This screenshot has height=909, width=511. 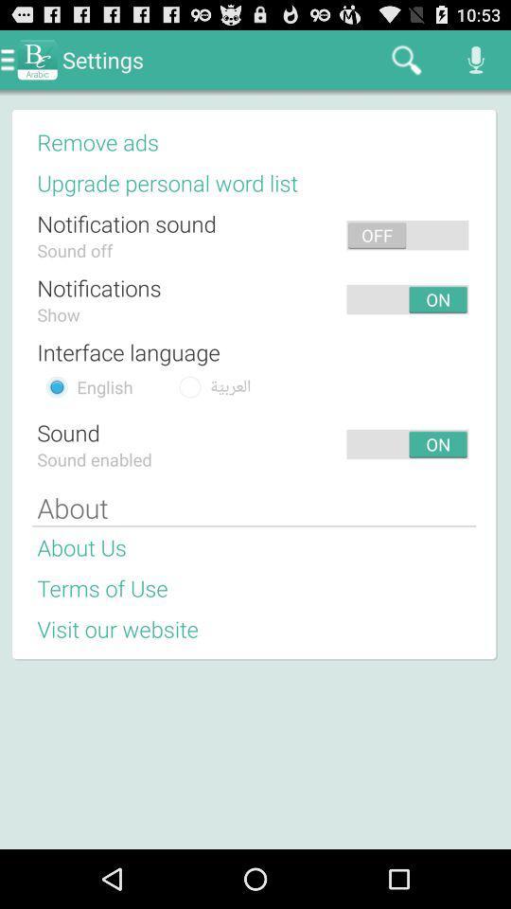 What do you see at coordinates (57, 385) in the screenshot?
I see `preferred language` at bounding box center [57, 385].